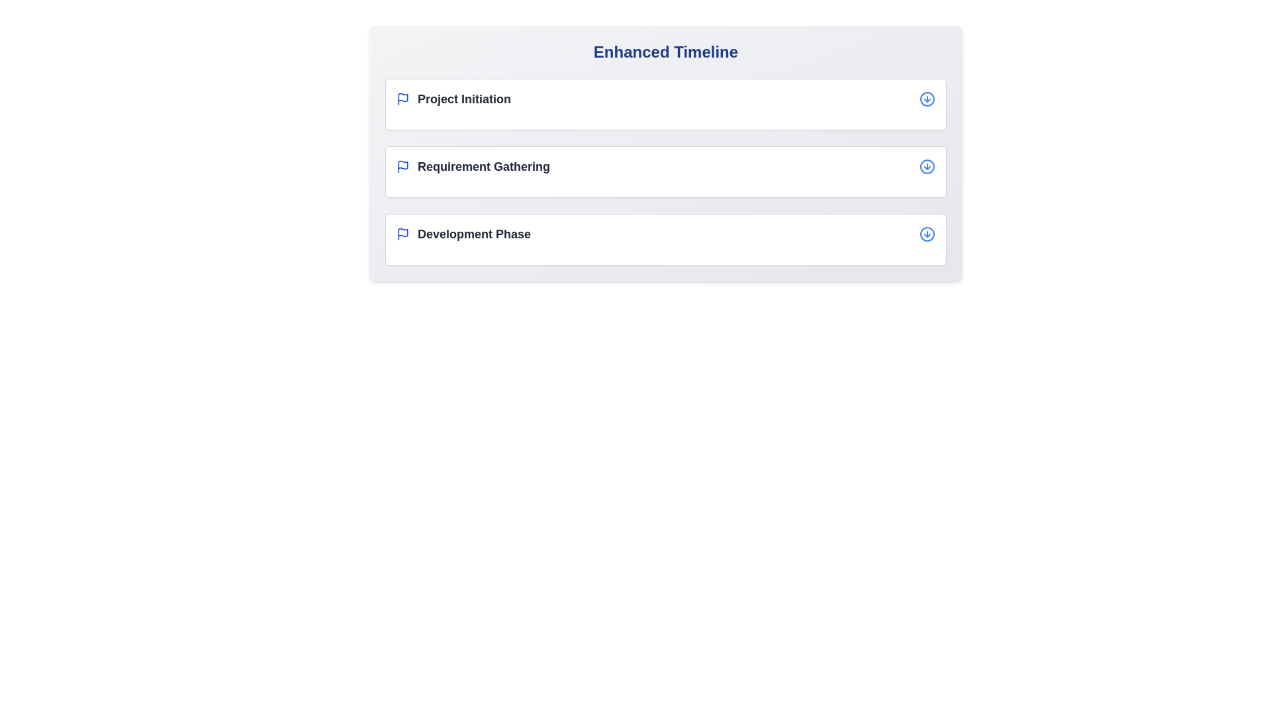 The image size is (1271, 715). What do you see at coordinates (927, 234) in the screenshot?
I see `the arrow icon on the far right of the 'Development Phase' entry in the 'Enhanced Timeline' interface` at bounding box center [927, 234].